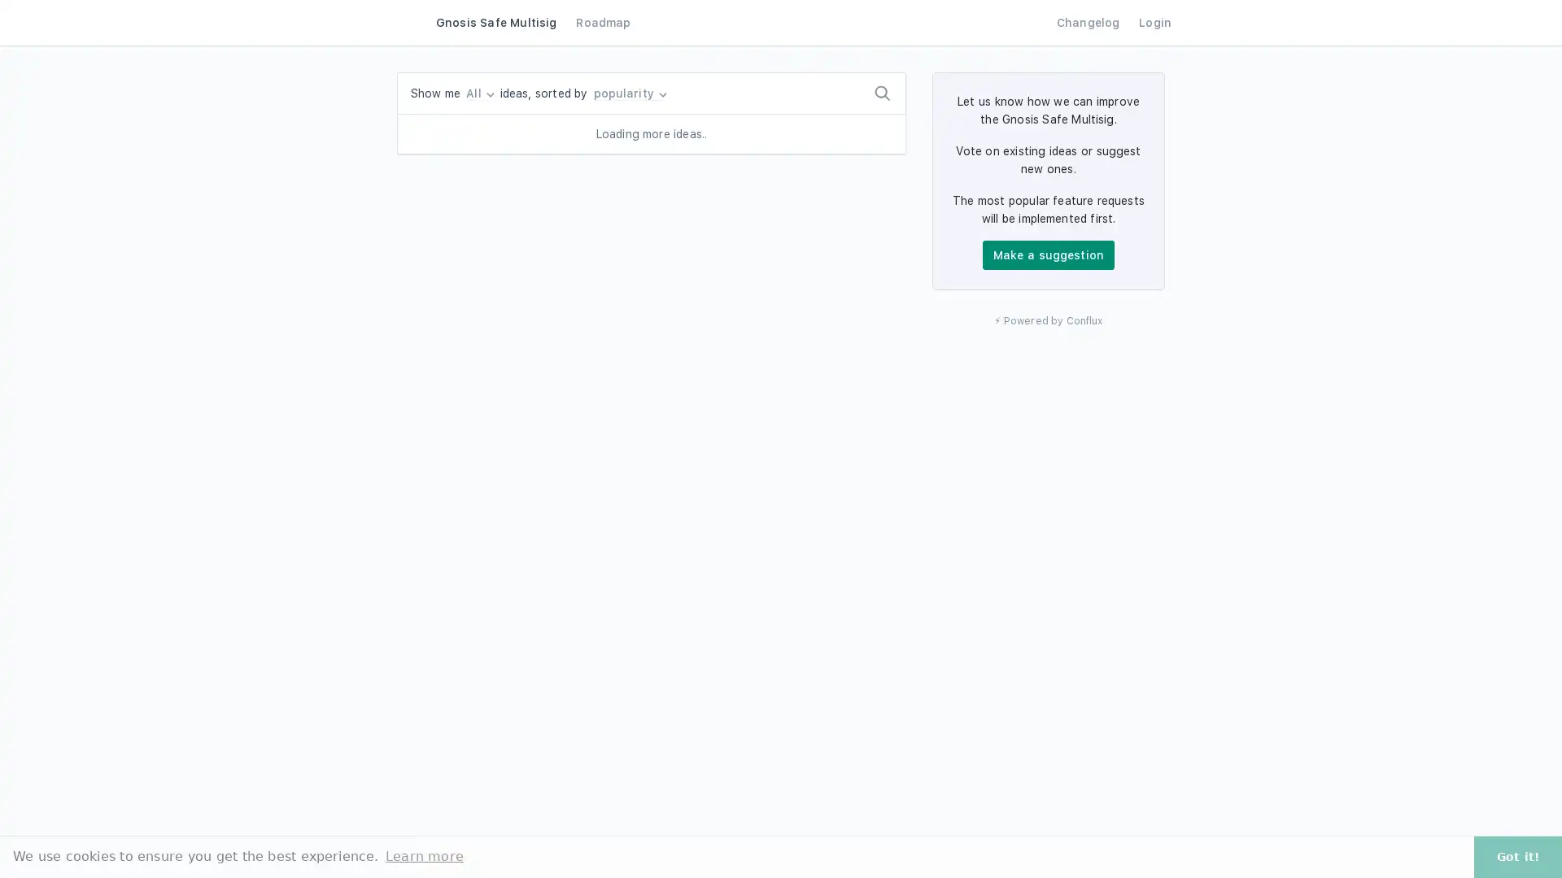 This screenshot has width=1562, height=878. What do you see at coordinates (1048, 254) in the screenshot?
I see `Make a suggestion` at bounding box center [1048, 254].